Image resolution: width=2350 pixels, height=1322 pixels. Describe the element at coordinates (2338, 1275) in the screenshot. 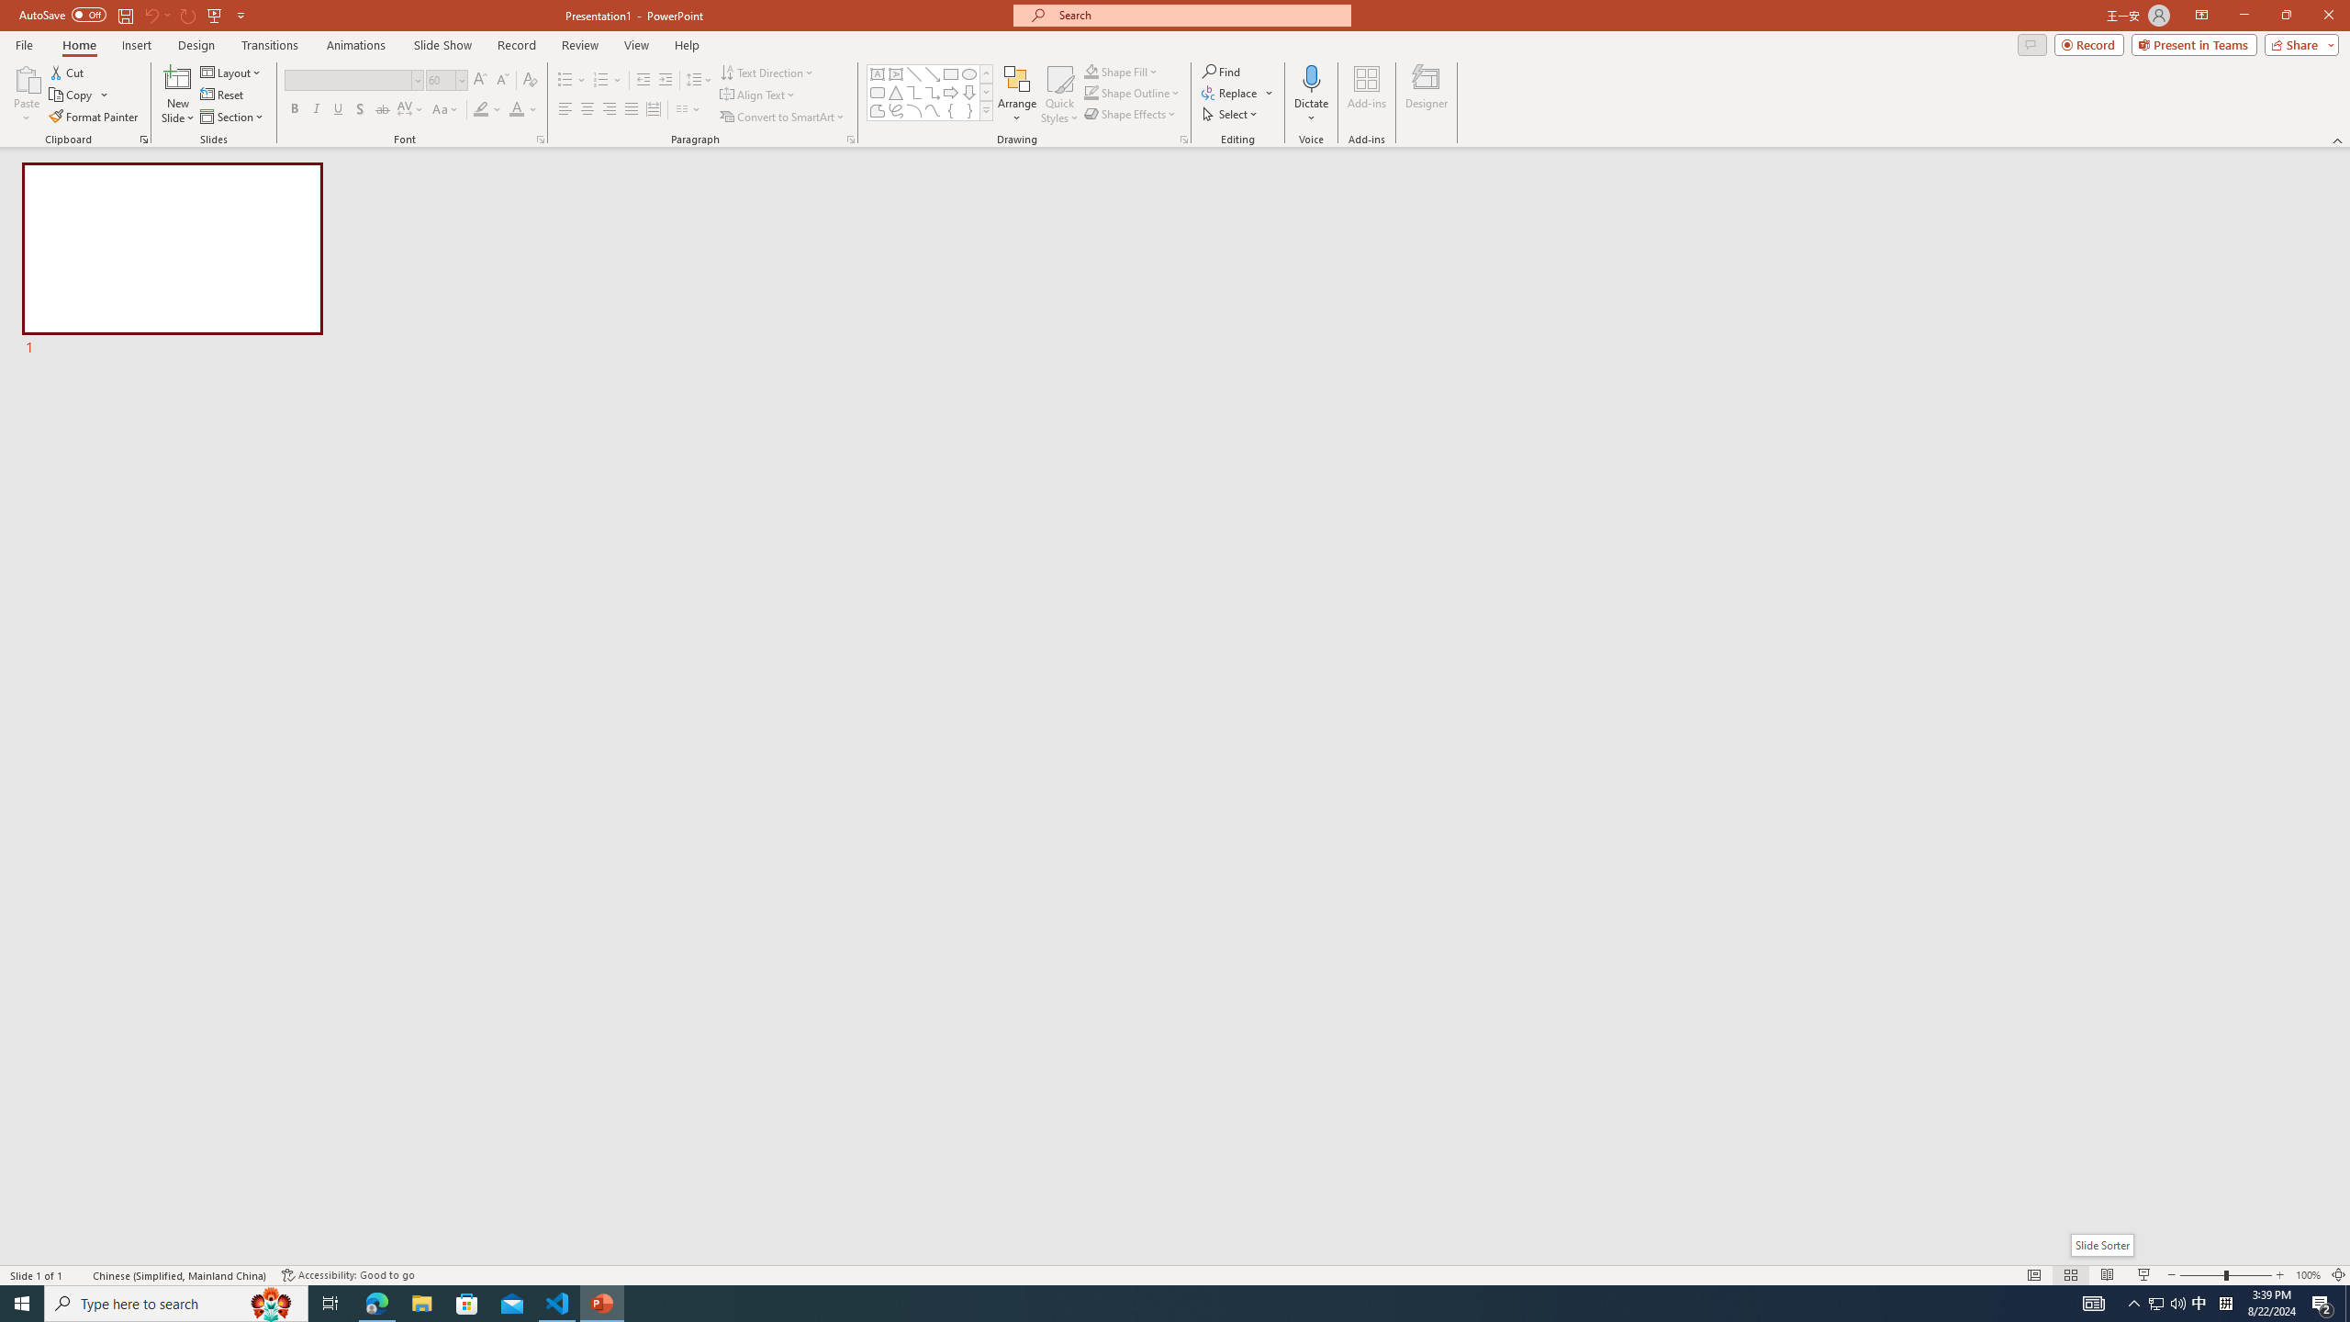

I see `'Zoom to Fit '` at that location.